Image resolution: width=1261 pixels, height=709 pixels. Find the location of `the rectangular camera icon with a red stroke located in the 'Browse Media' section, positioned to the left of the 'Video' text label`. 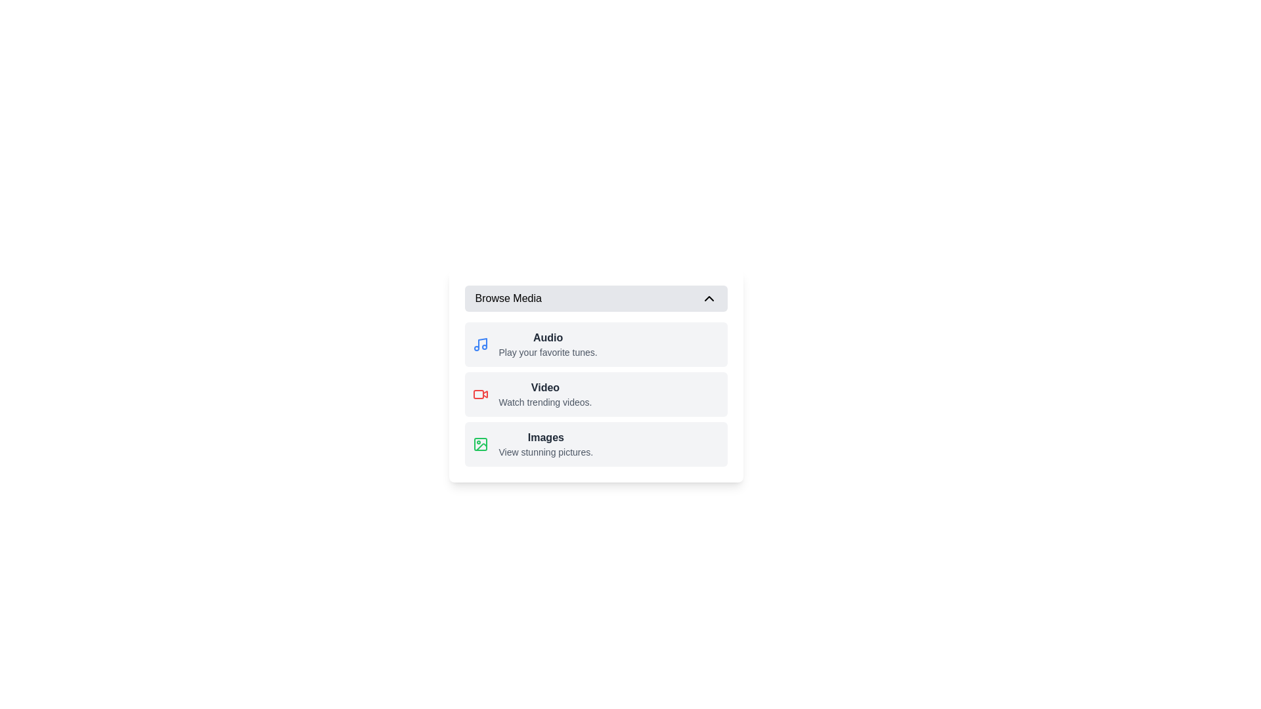

the rectangular camera icon with a red stroke located in the 'Browse Media' section, positioned to the left of the 'Video' text label is located at coordinates (479, 394).